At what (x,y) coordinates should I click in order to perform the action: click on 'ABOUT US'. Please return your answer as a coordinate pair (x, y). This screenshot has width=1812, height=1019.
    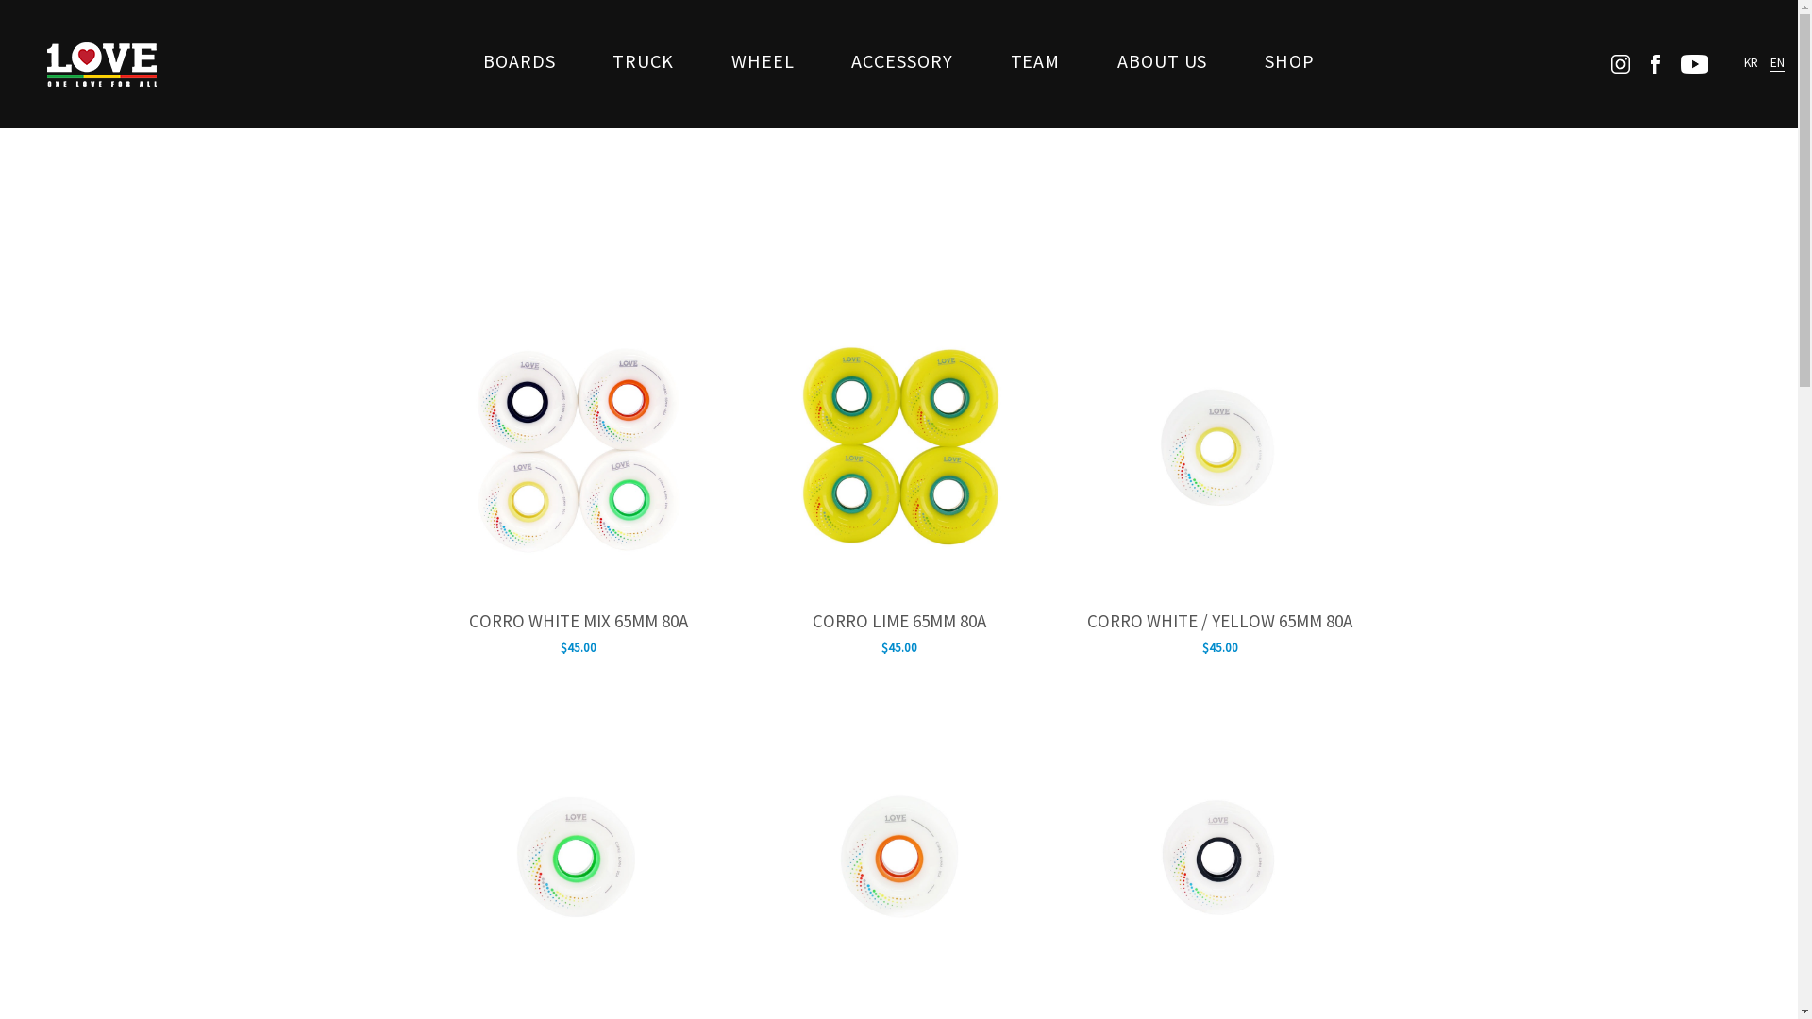
    Looking at the image, I should click on (1105, 61).